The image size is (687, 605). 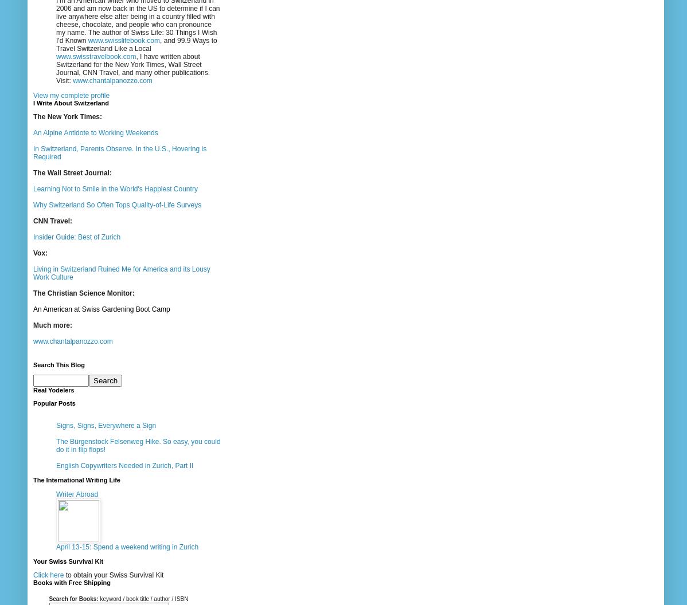 I want to click on 'Learning Not to Smile in the World's Happiest Country', so click(x=115, y=189).